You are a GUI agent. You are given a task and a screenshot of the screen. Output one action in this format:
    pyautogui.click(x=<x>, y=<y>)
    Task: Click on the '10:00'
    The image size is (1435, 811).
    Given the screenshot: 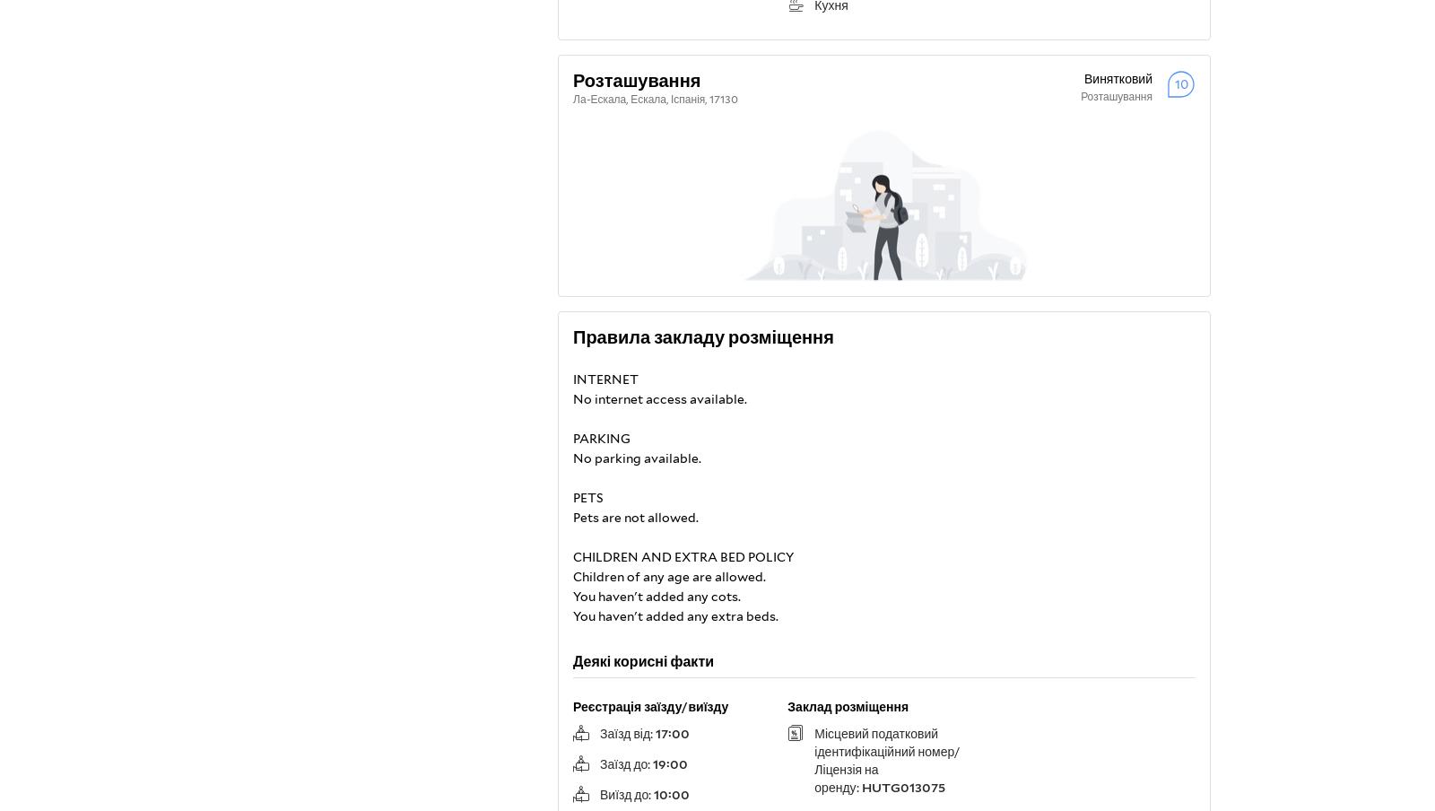 What is the action you would take?
    pyautogui.click(x=671, y=795)
    